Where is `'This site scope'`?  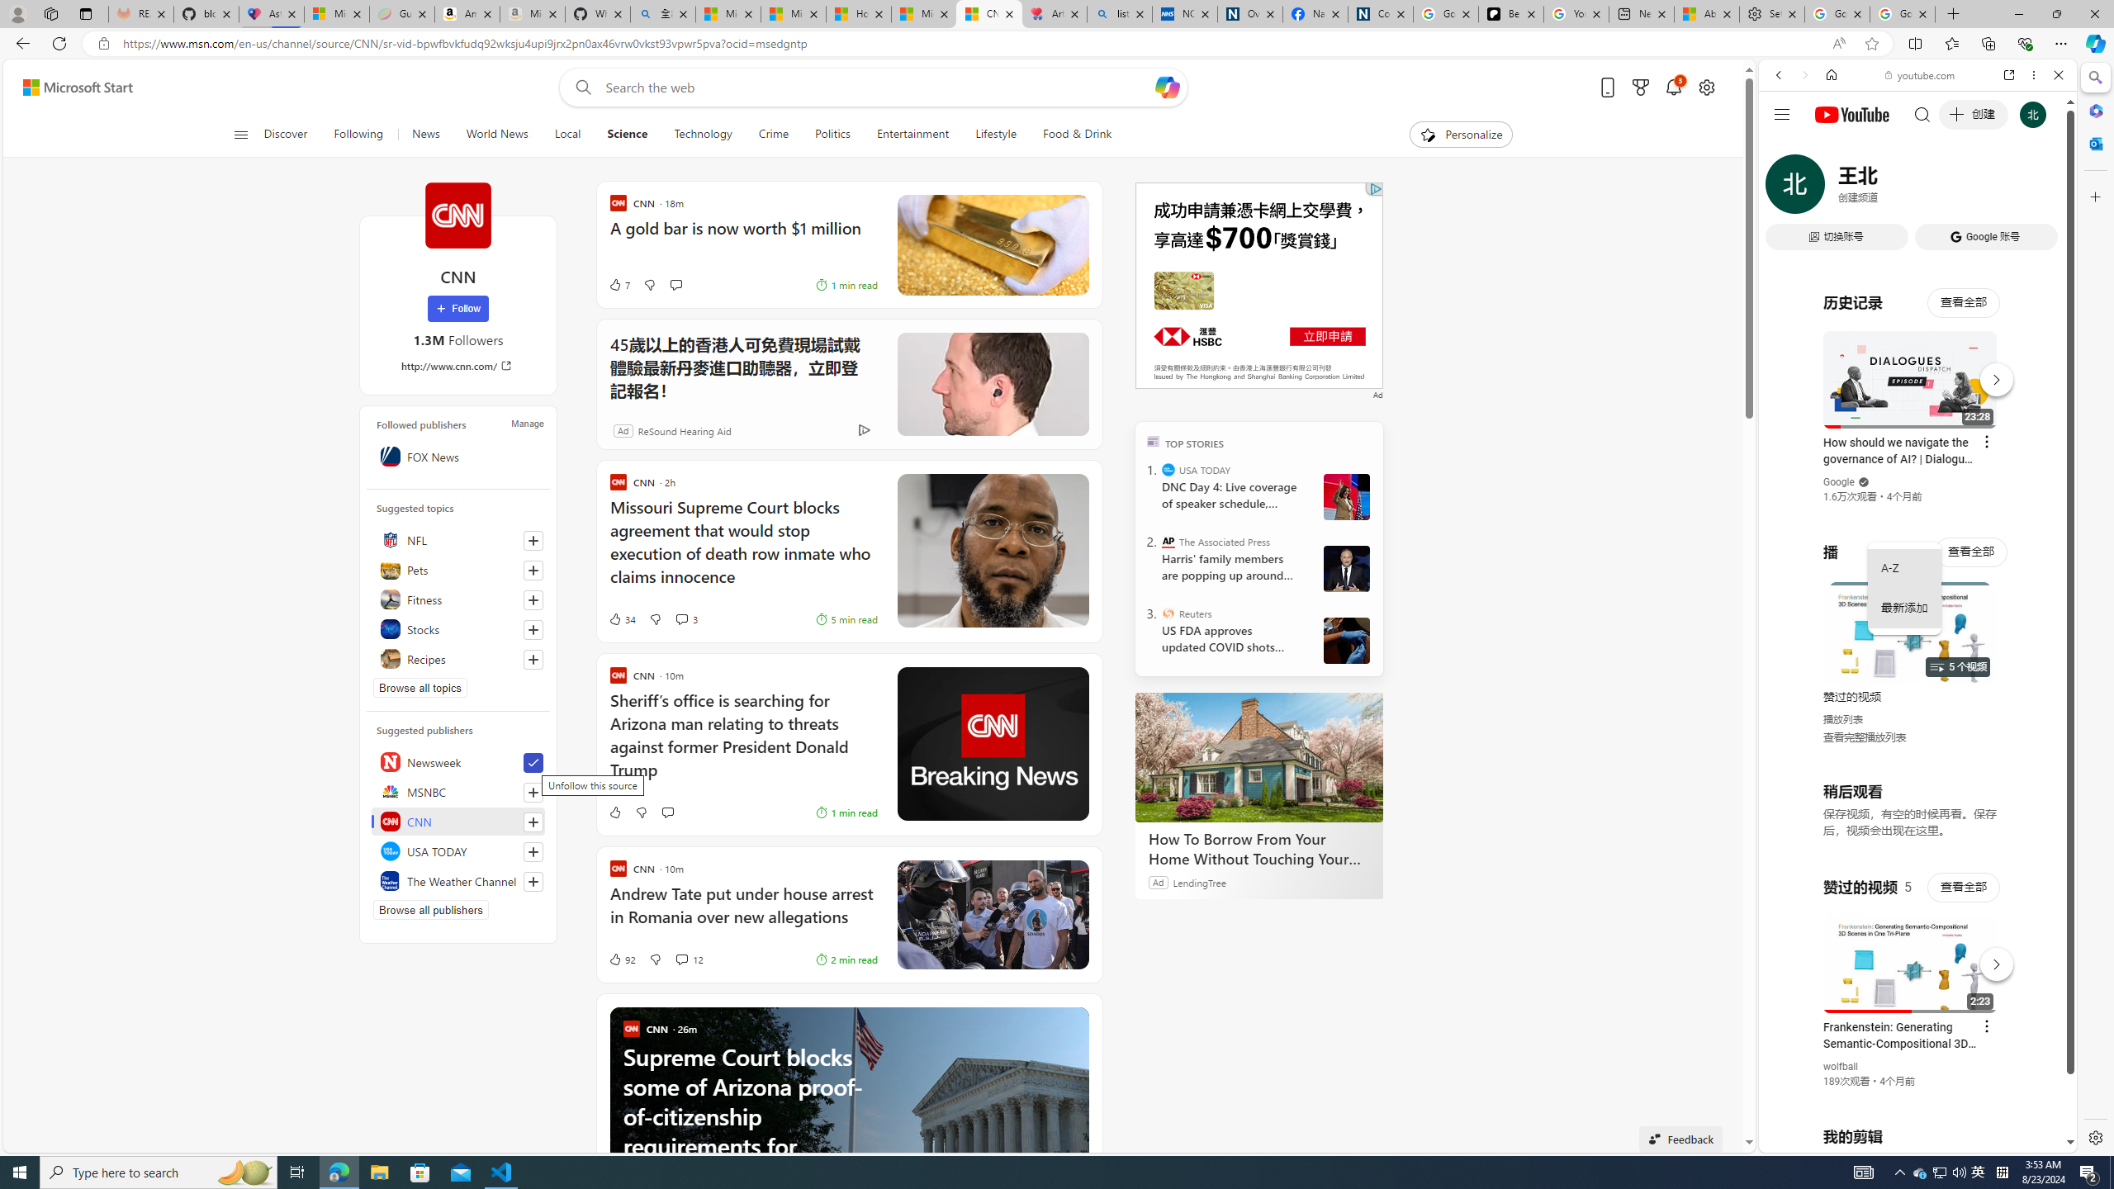 'This site scope' is located at coordinates (1828, 149).